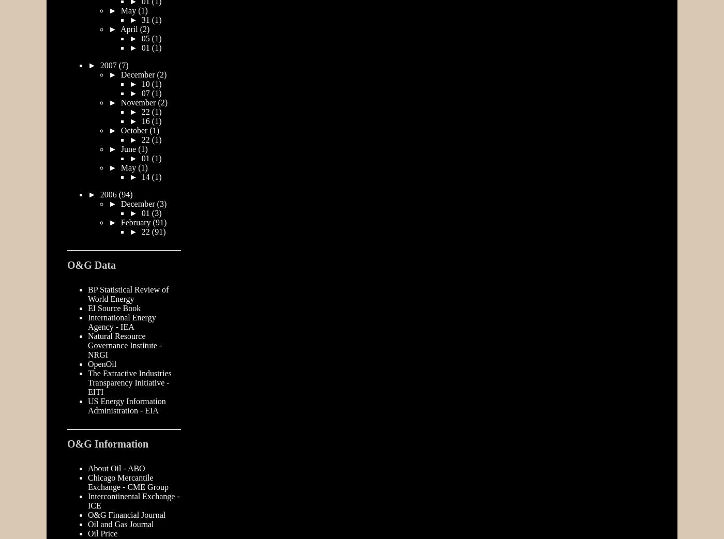  What do you see at coordinates (102, 363) in the screenshot?
I see `'OpenOil'` at bounding box center [102, 363].